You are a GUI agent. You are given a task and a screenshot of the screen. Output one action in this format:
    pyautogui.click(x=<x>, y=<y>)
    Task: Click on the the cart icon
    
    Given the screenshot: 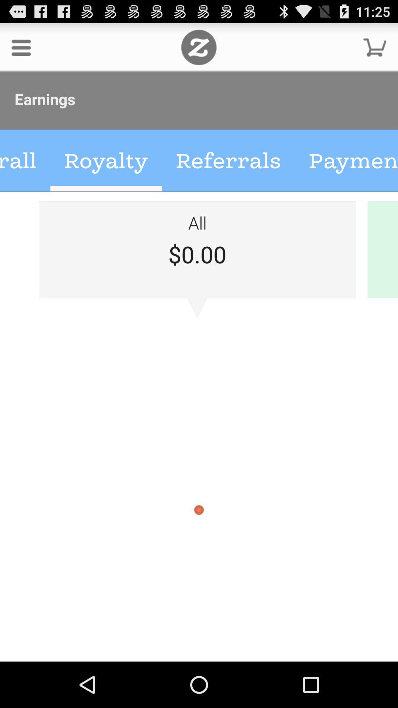 What is the action you would take?
    pyautogui.click(x=375, y=50)
    